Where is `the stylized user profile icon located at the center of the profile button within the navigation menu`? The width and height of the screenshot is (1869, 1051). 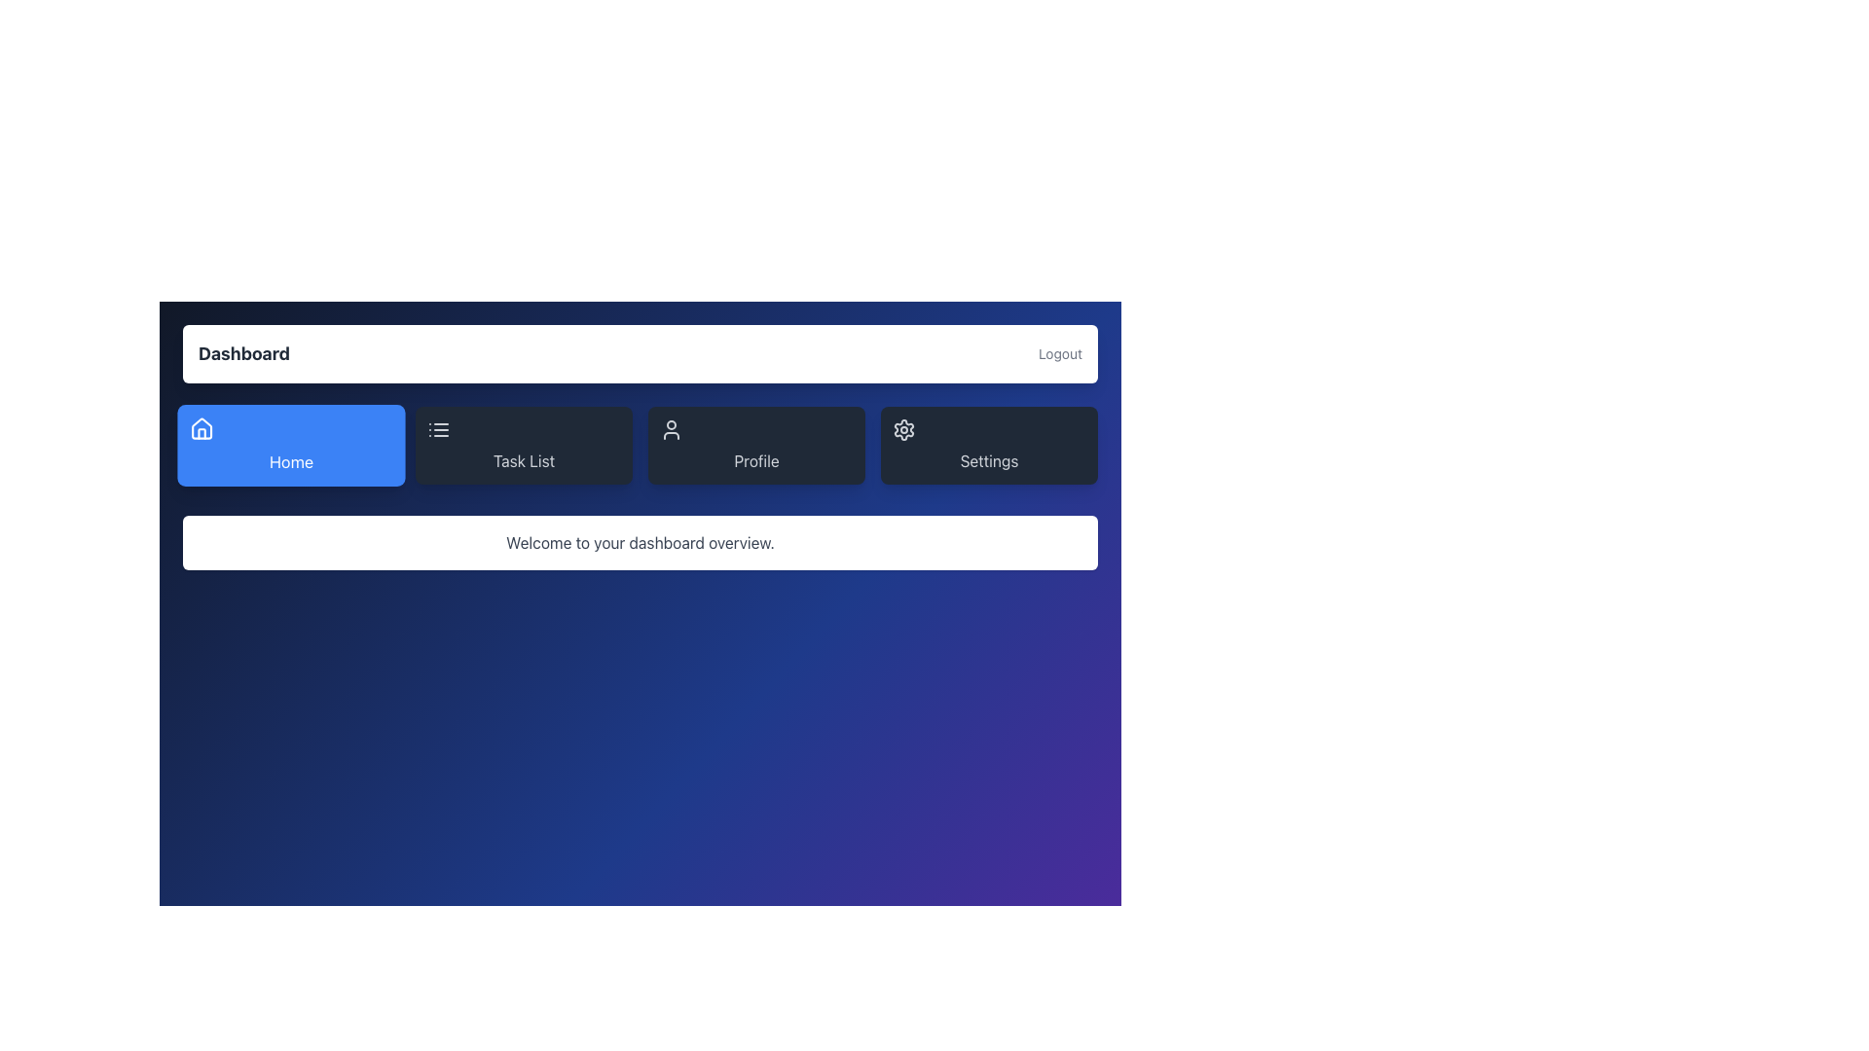 the stylized user profile icon located at the center of the profile button within the navigation menu is located at coordinates (672, 429).